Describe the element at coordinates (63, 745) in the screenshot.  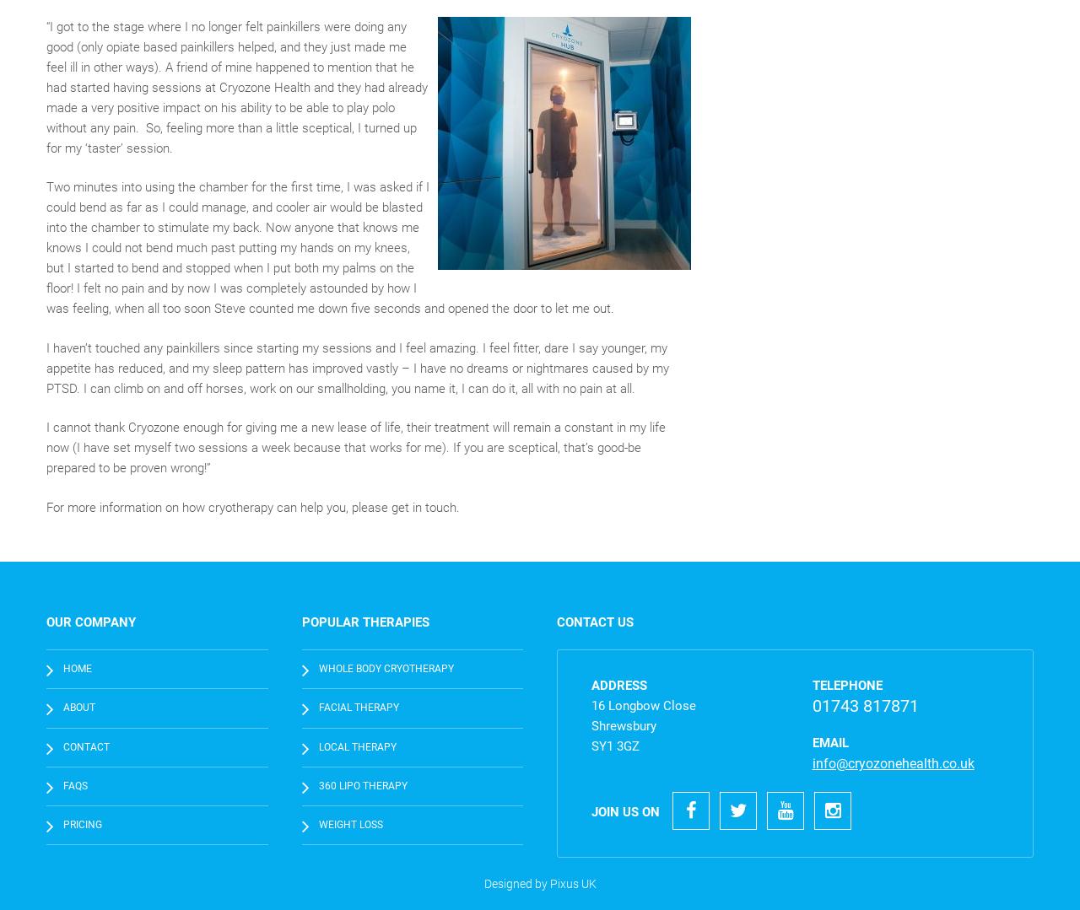
I see `'Contact'` at that location.